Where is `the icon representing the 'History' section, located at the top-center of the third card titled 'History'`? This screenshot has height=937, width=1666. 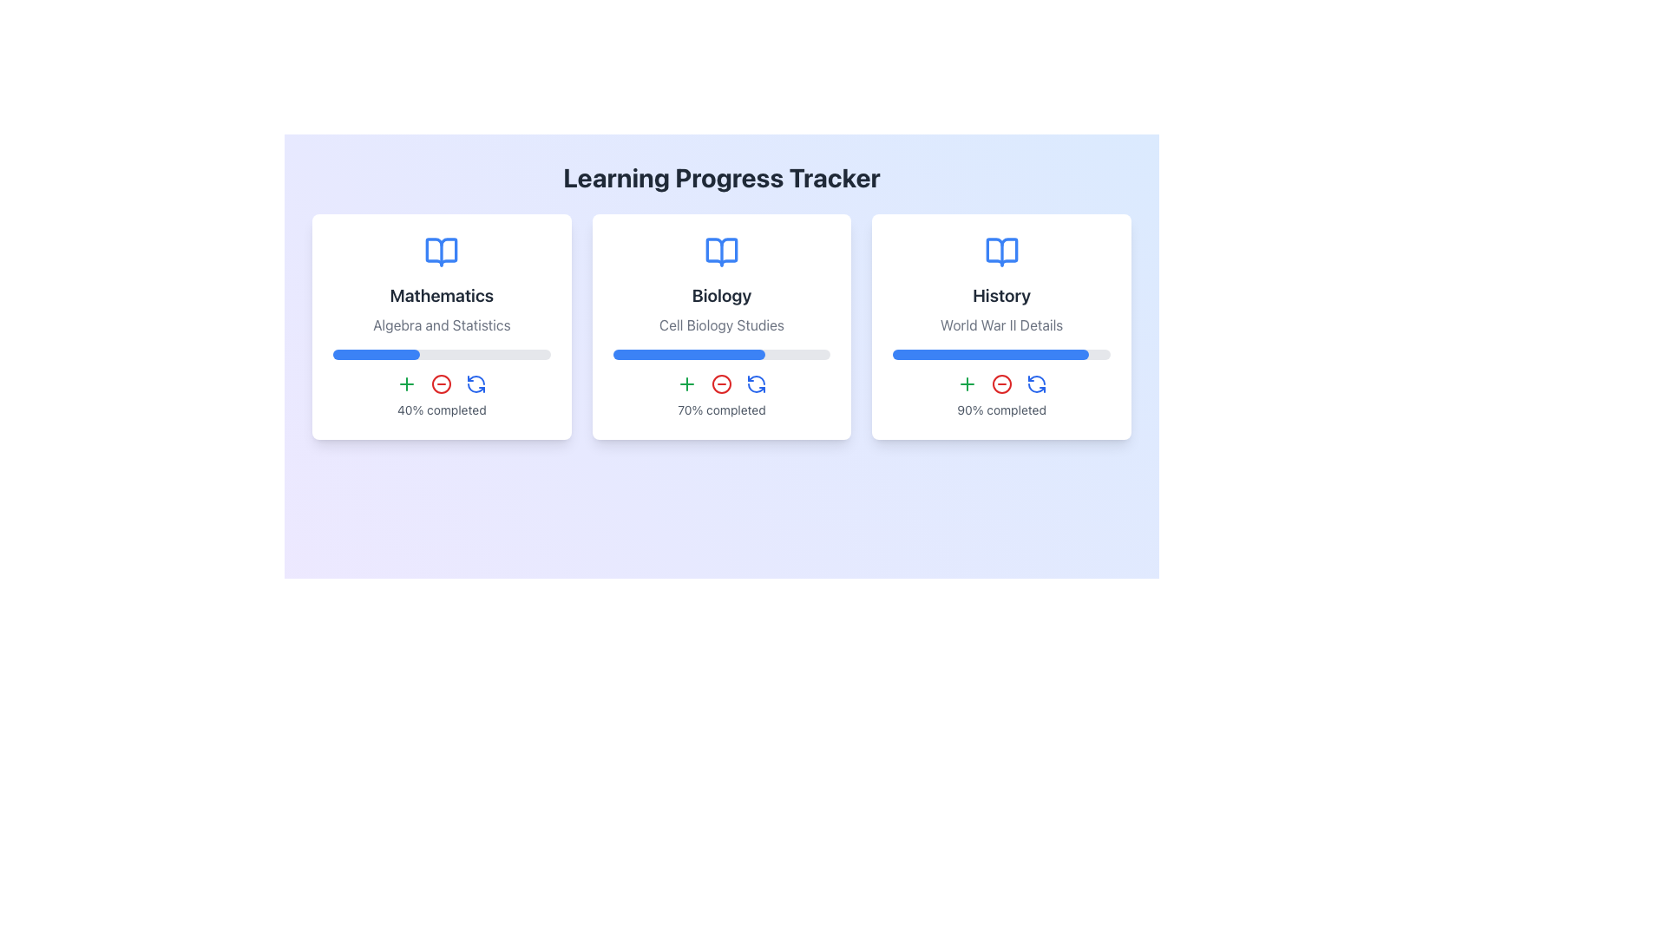 the icon representing the 'History' section, located at the top-center of the third card titled 'History' is located at coordinates (1001, 252).